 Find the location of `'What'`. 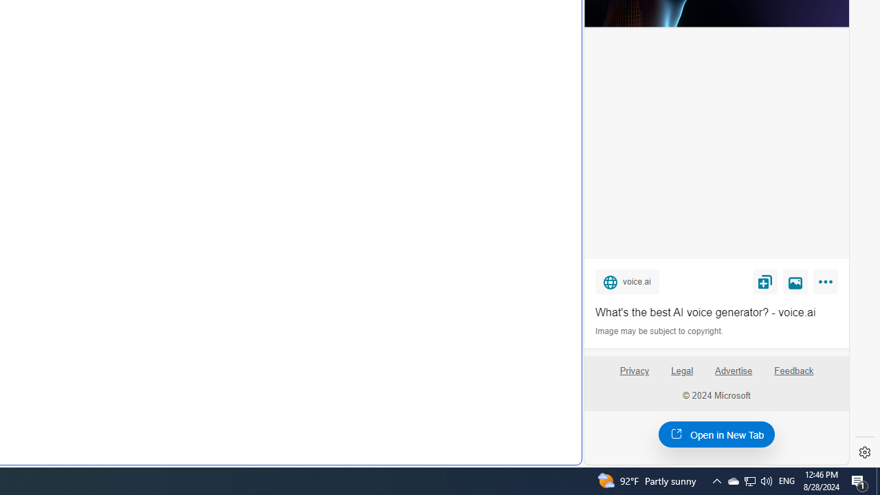

'What' is located at coordinates (716, 313).